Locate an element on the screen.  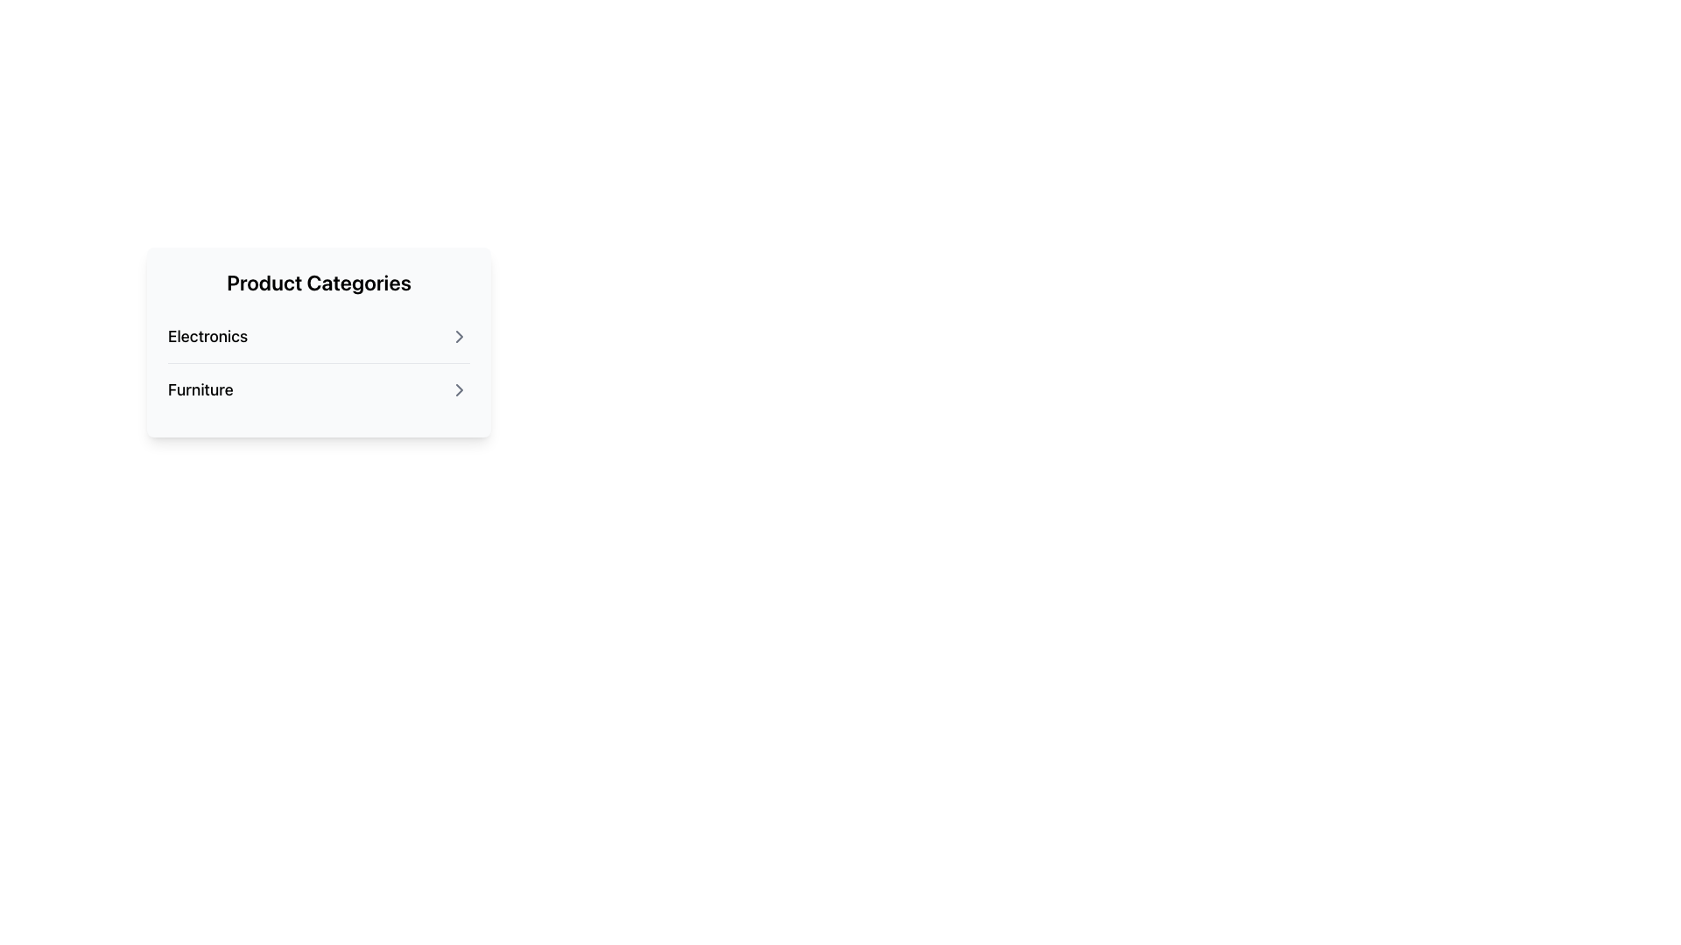
the first list item in the 'Product Categories' under 'Electronics' is located at coordinates (319, 337).